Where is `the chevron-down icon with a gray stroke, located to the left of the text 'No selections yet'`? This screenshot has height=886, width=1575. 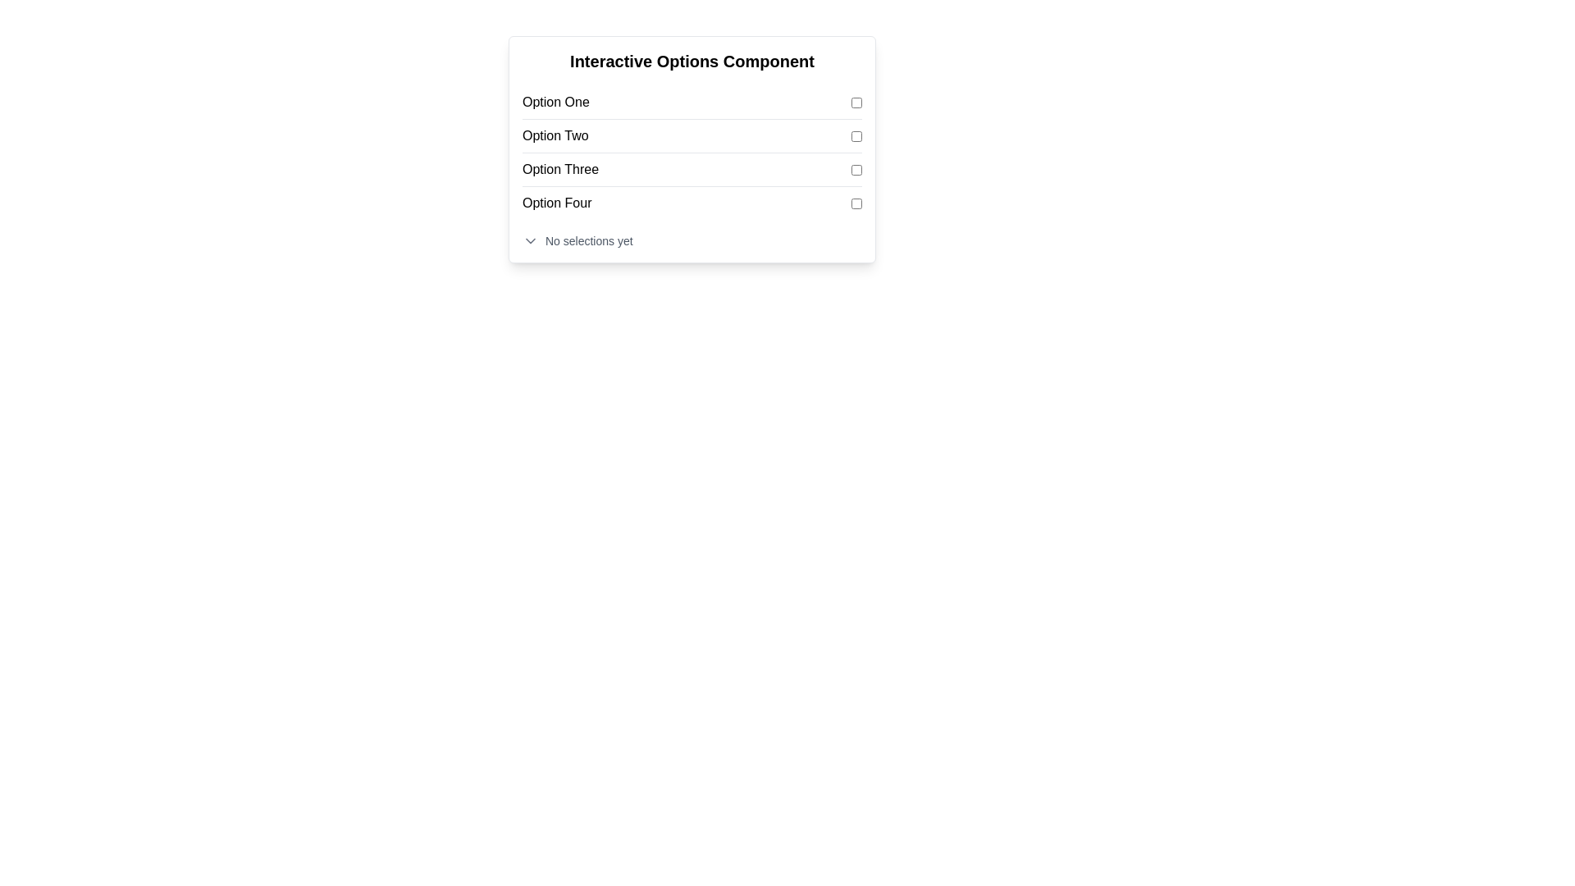
the chevron-down icon with a gray stroke, located to the left of the text 'No selections yet' is located at coordinates (531, 240).